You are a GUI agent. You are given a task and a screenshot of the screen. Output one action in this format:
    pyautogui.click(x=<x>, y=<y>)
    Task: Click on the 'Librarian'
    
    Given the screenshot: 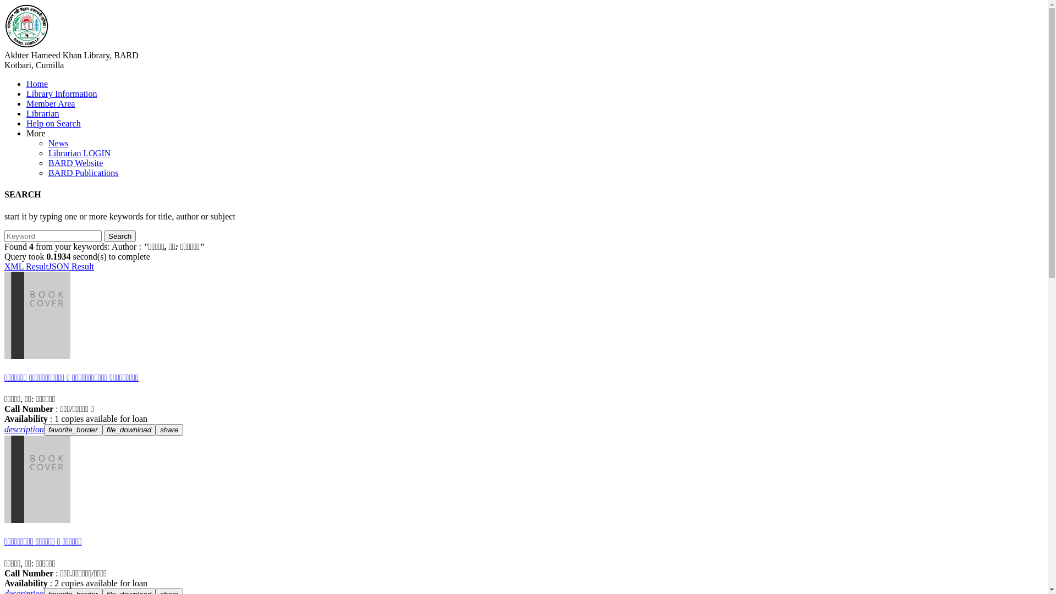 What is the action you would take?
    pyautogui.click(x=42, y=113)
    